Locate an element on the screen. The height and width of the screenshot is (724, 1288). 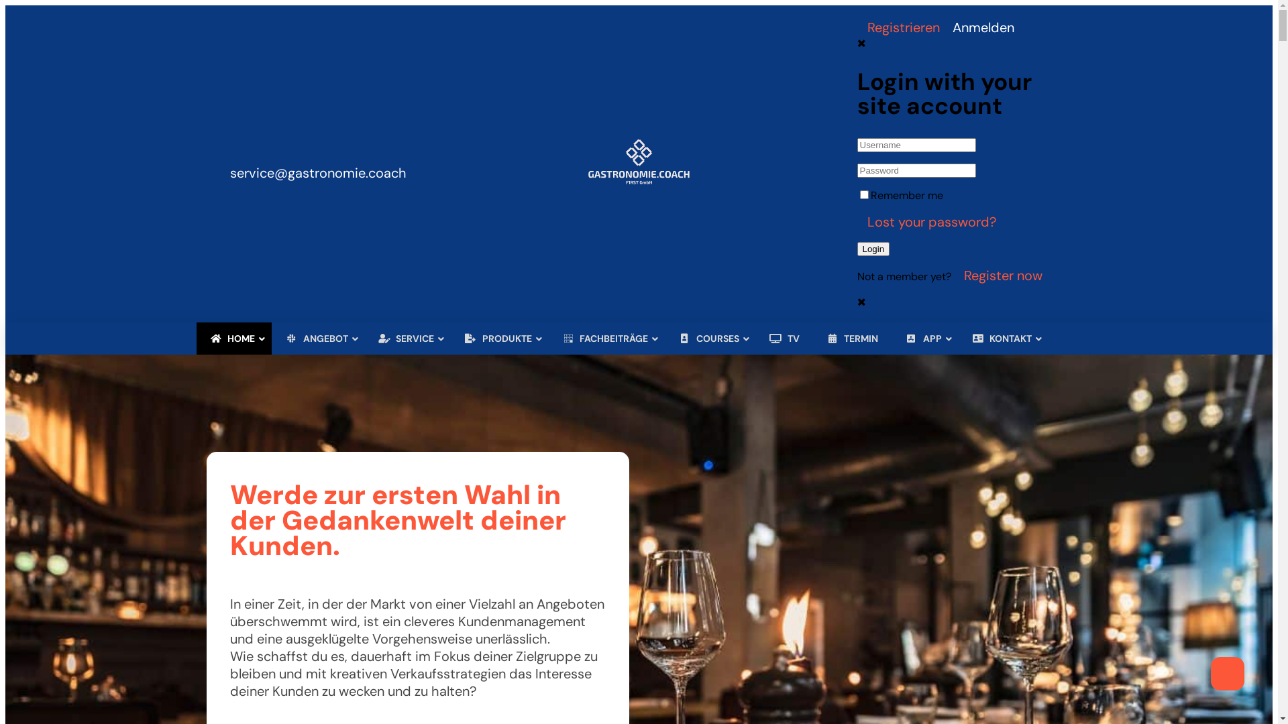
'TERMIN' is located at coordinates (852, 338).